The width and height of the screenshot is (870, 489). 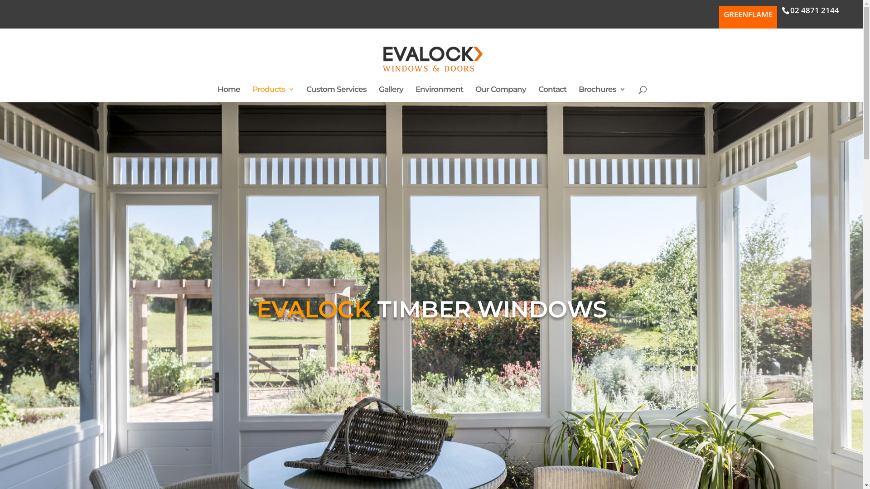 I want to click on 'Environment', so click(x=439, y=94).